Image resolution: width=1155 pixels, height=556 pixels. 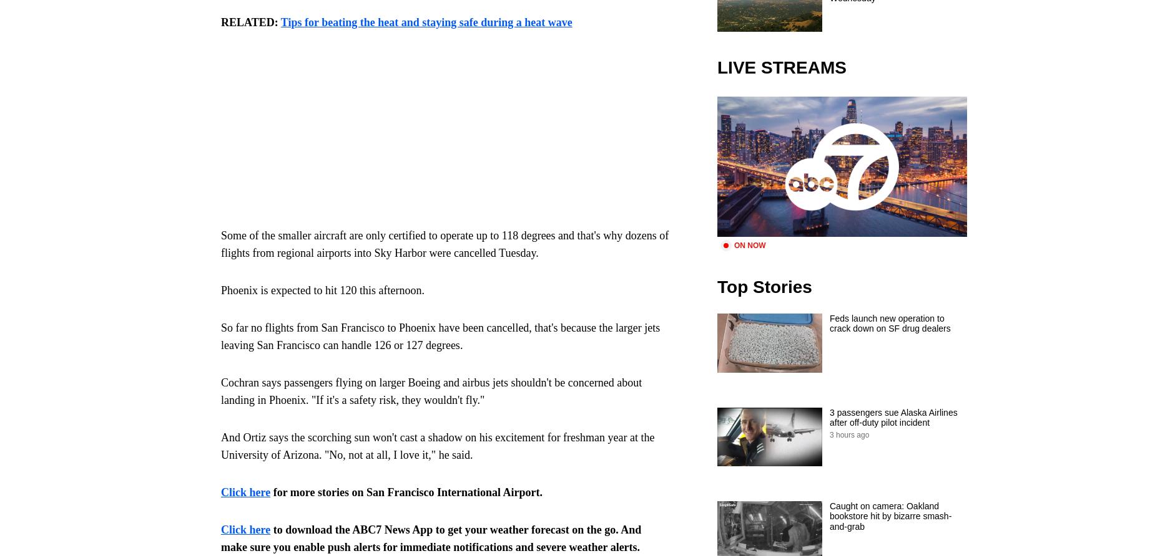 What do you see at coordinates (829, 417) in the screenshot?
I see `'3 passengers sue Alaska Airlines after off-duty pilot incident'` at bounding box center [829, 417].